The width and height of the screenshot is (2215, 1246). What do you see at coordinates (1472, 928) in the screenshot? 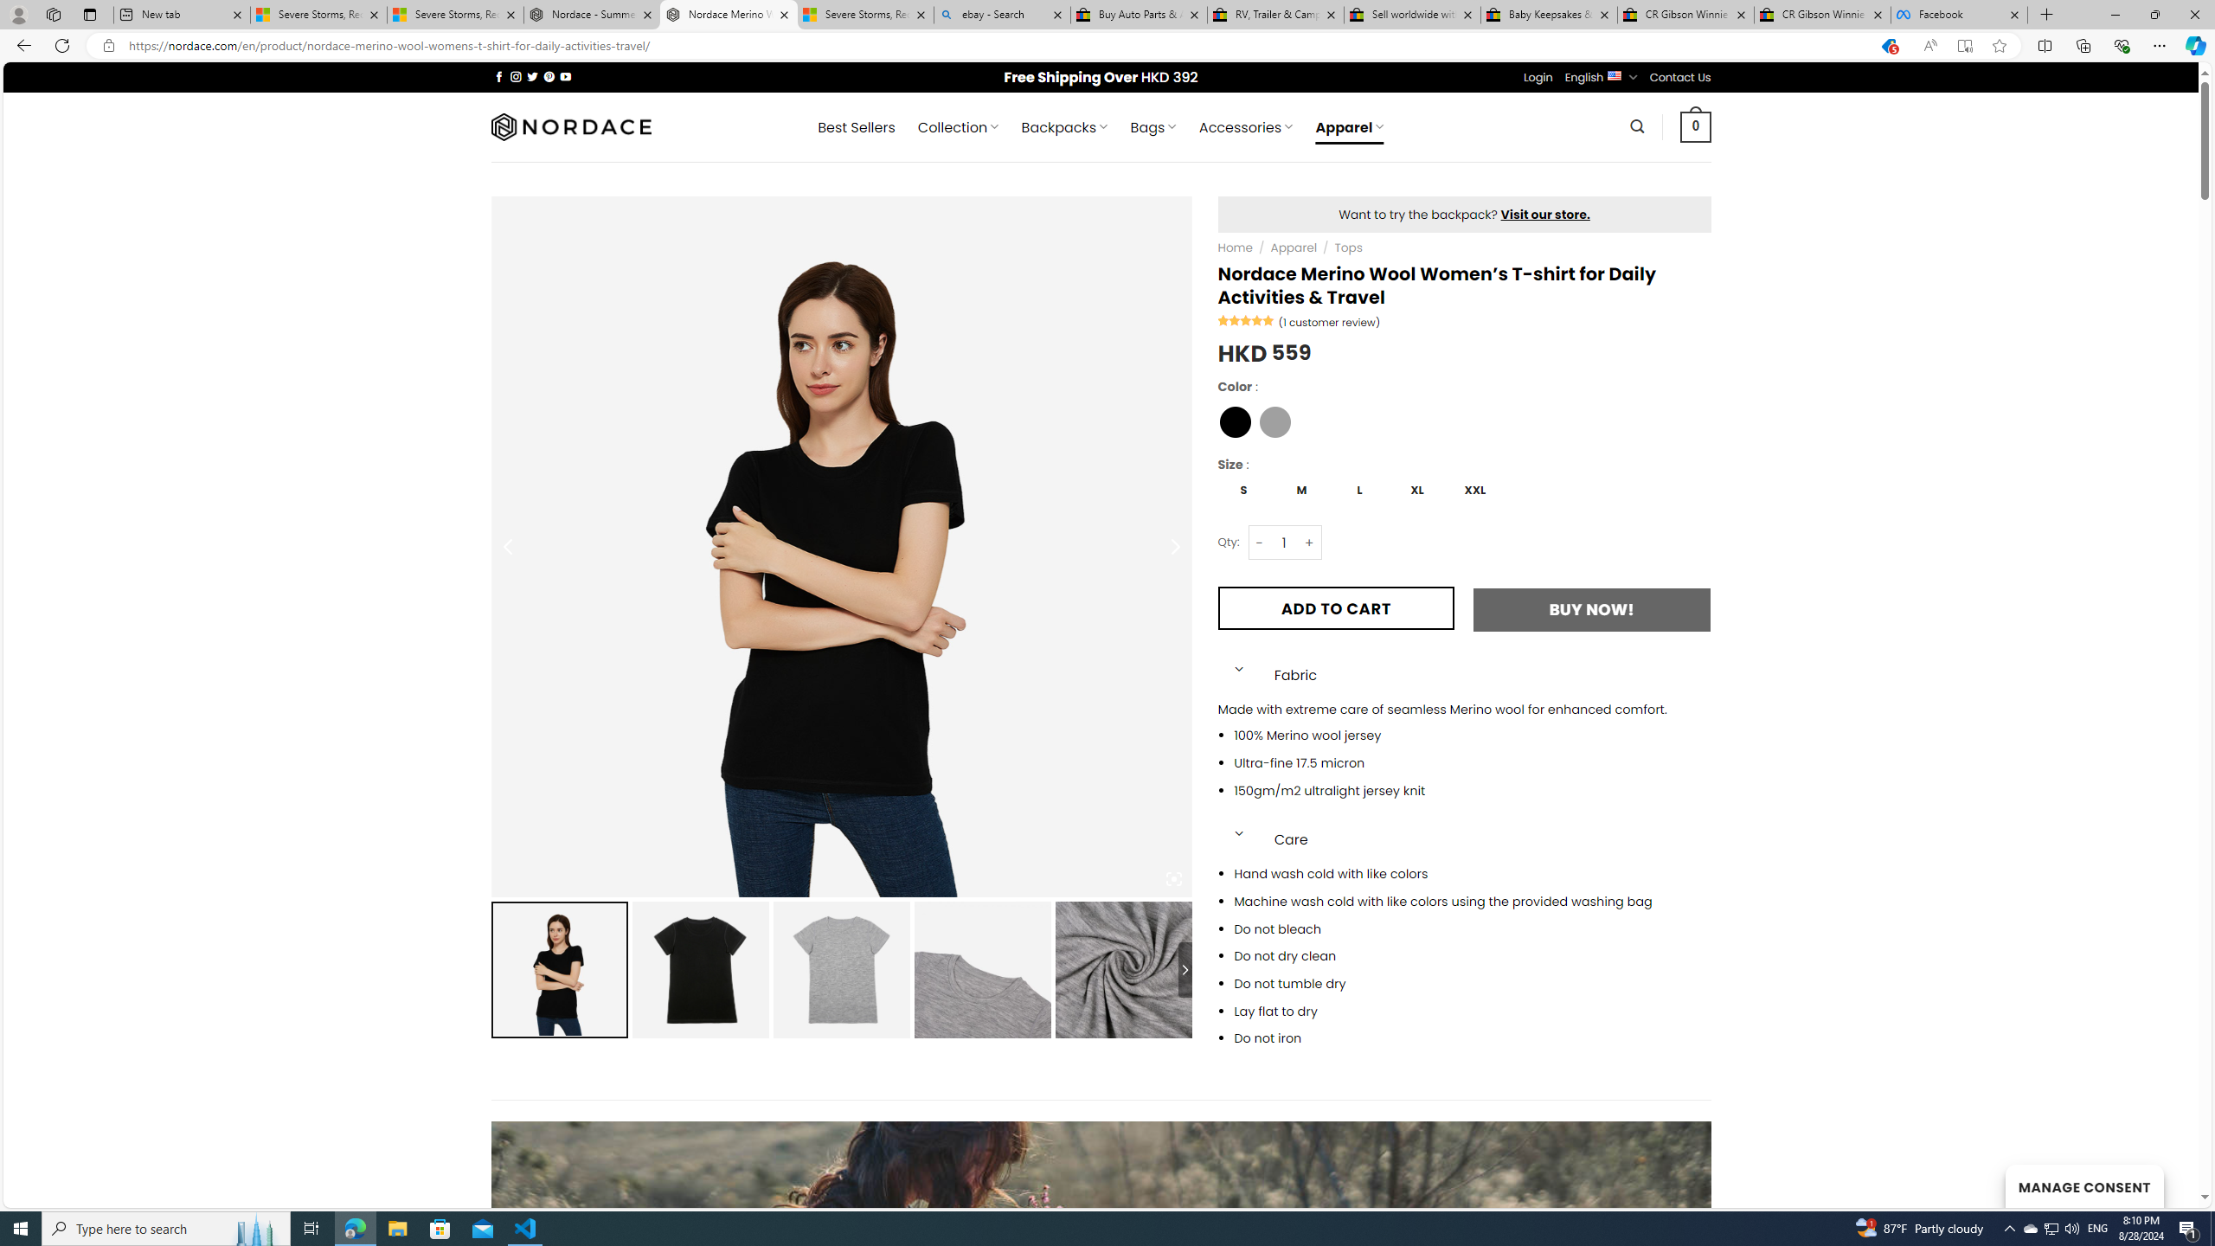
I see `'Do not bleach'` at bounding box center [1472, 928].